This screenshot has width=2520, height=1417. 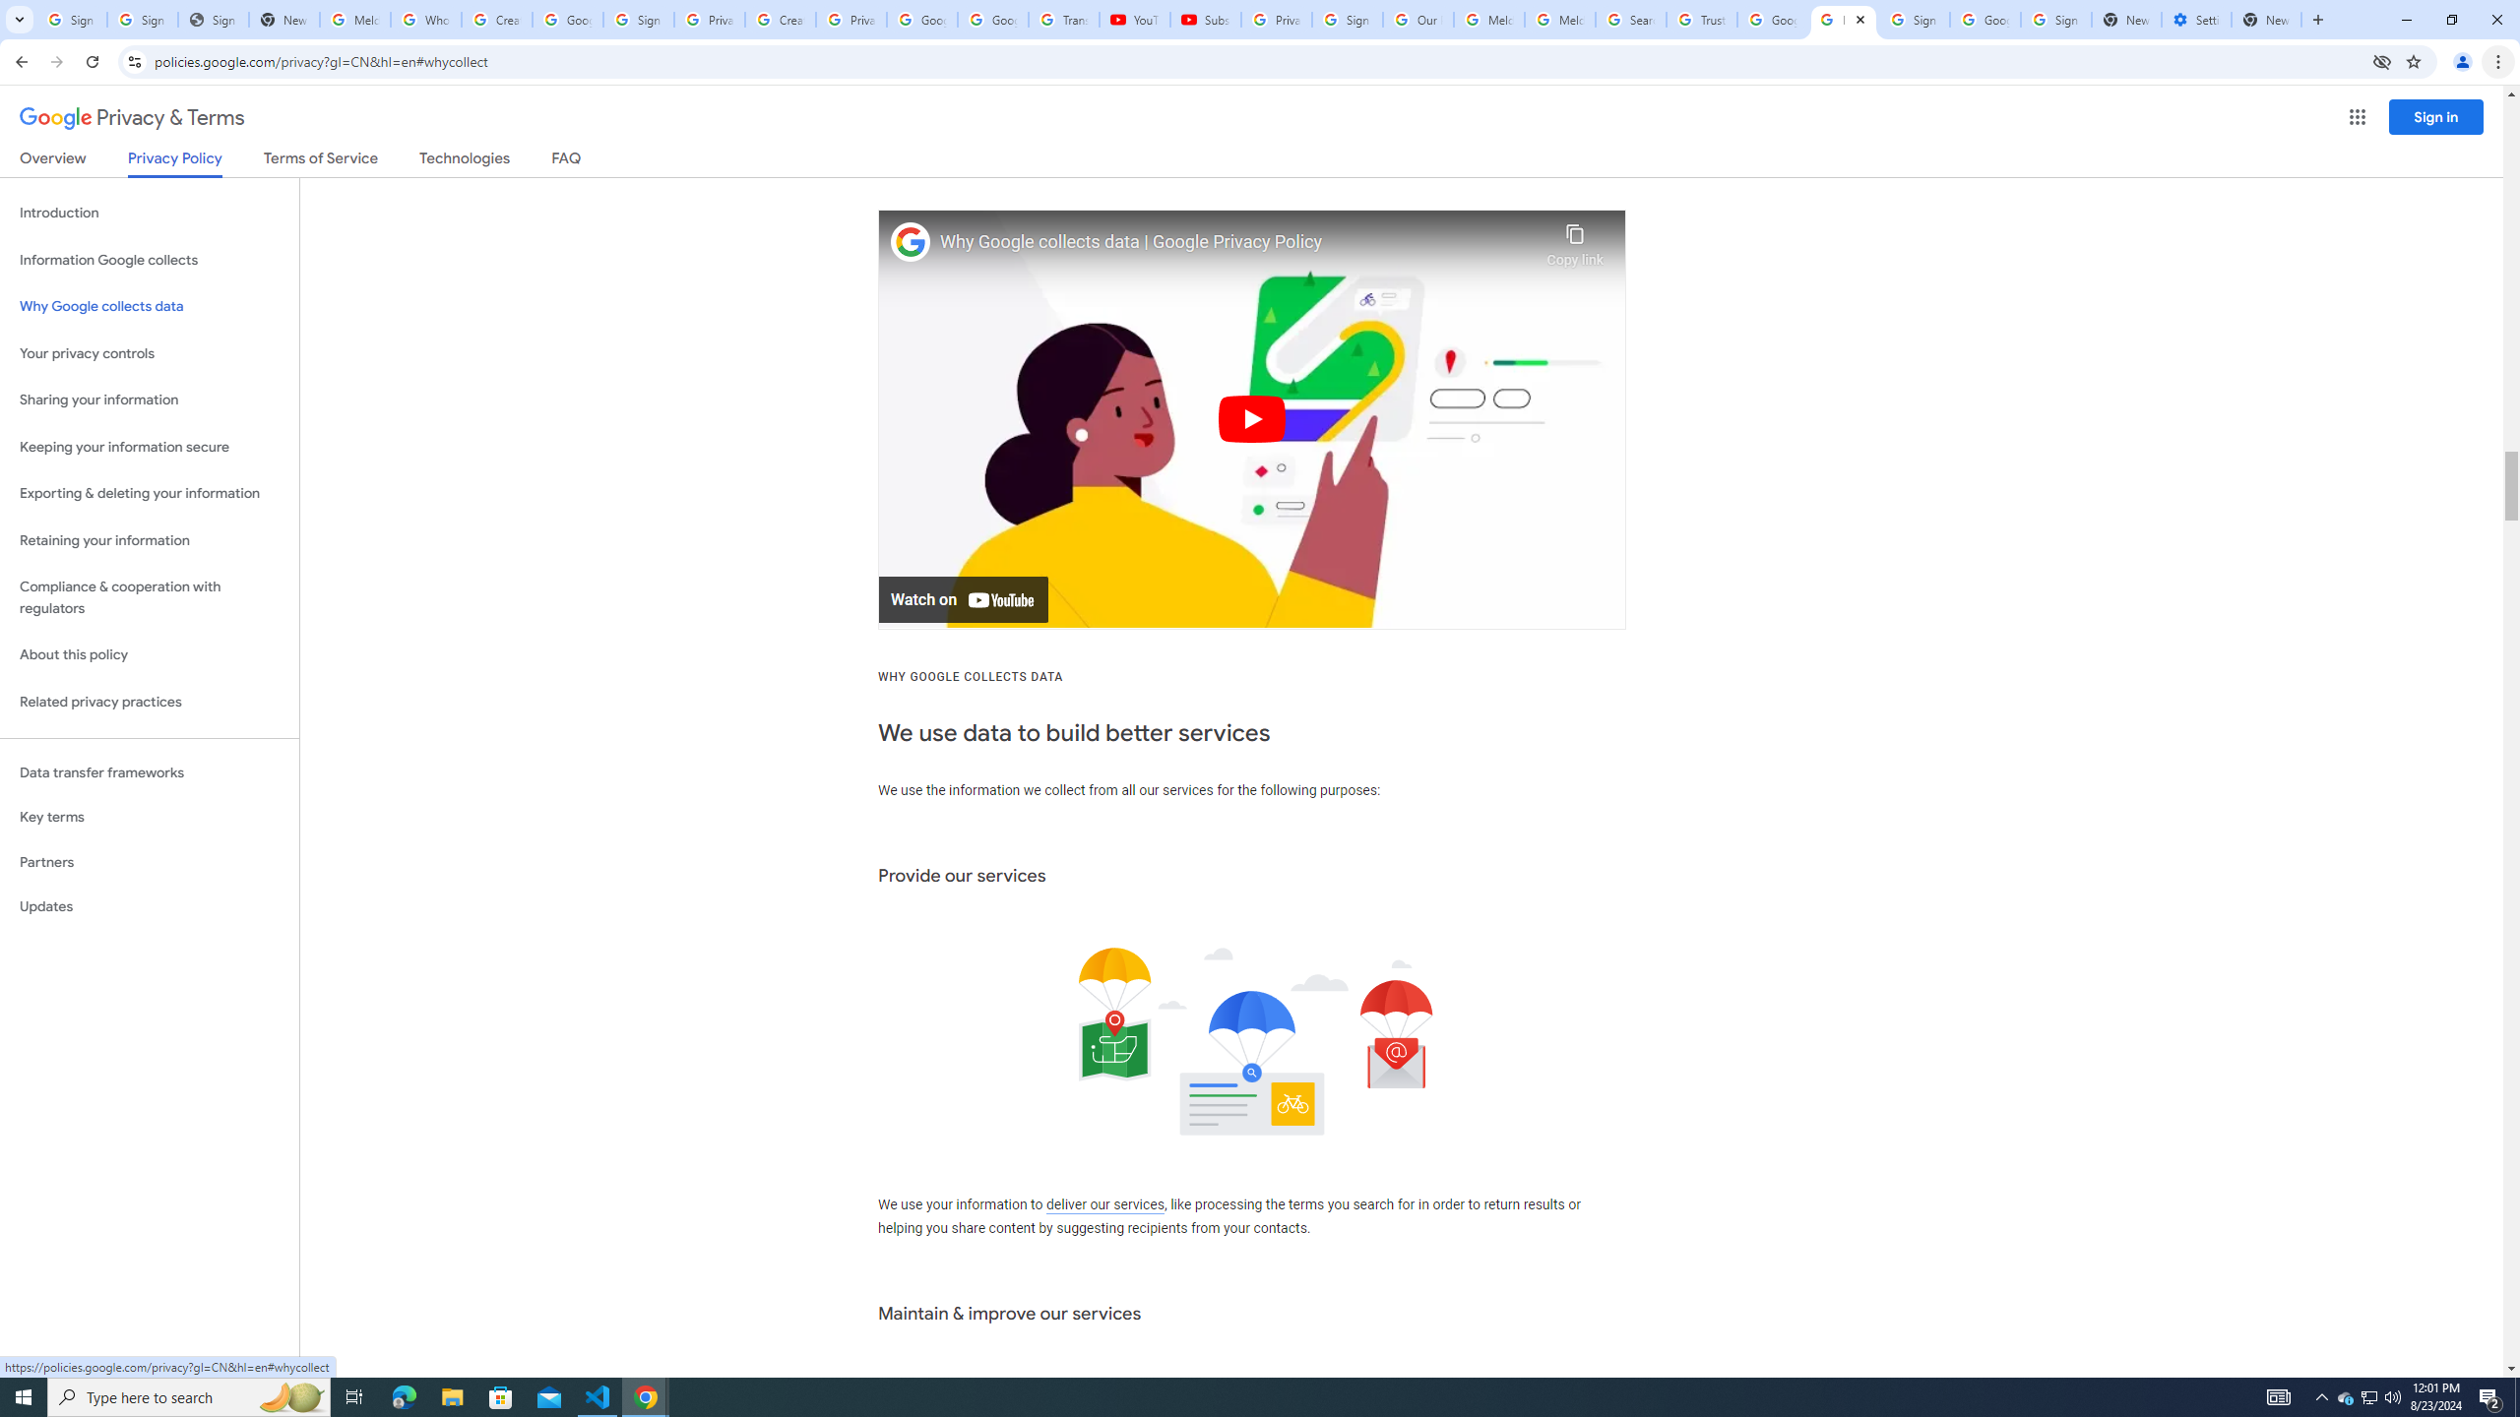 What do you see at coordinates (149, 701) in the screenshot?
I see `'Related privacy practices'` at bounding box center [149, 701].